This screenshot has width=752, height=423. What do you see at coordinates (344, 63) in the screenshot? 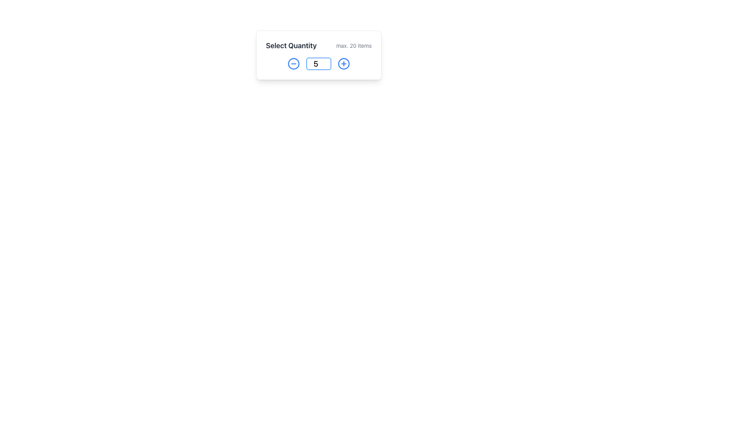
I see `the increment button, which is represented by the largest circular icon within the SVG, located on the far right of the quantity selection interface labeled 'Select Quantity'` at bounding box center [344, 63].